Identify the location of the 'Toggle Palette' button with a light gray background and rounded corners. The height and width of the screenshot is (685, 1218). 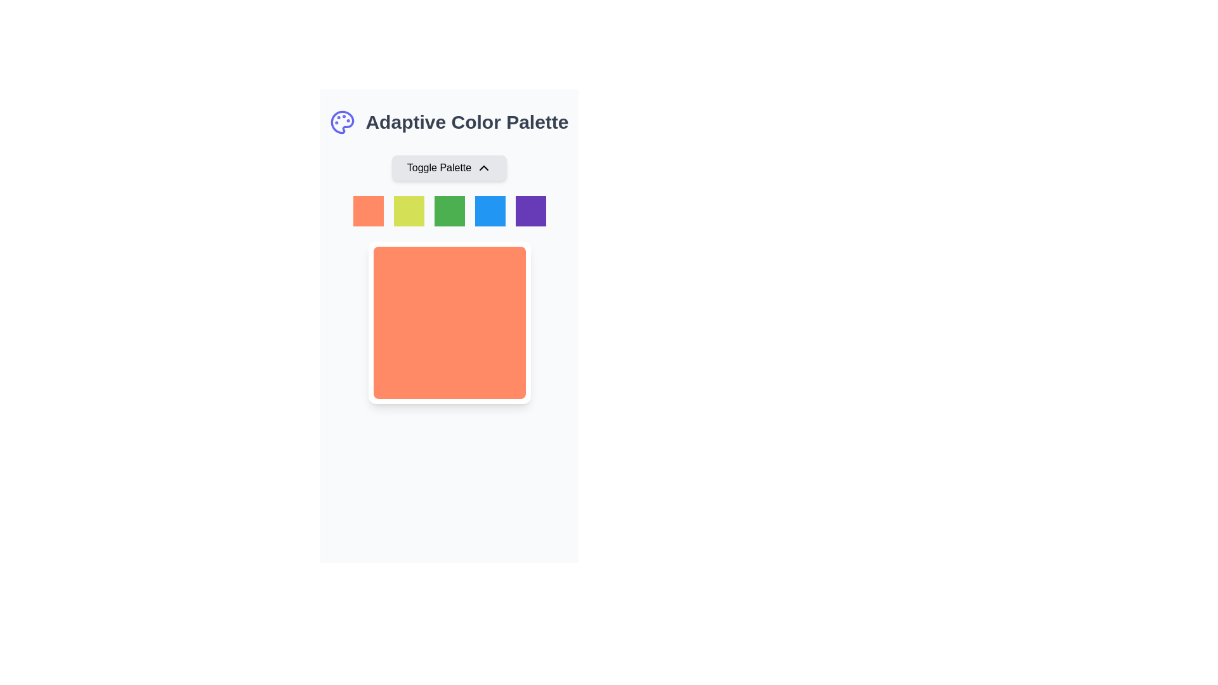
(449, 167).